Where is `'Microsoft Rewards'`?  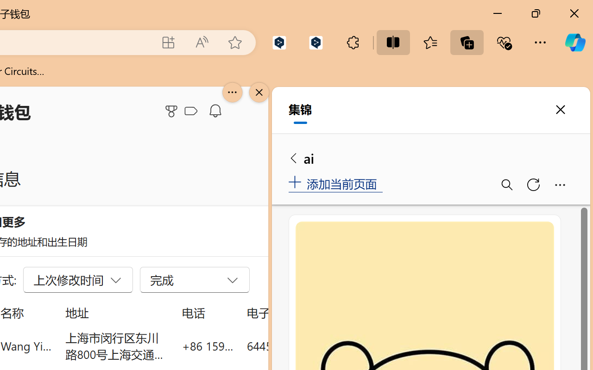 'Microsoft Rewards' is located at coordinates (173, 111).